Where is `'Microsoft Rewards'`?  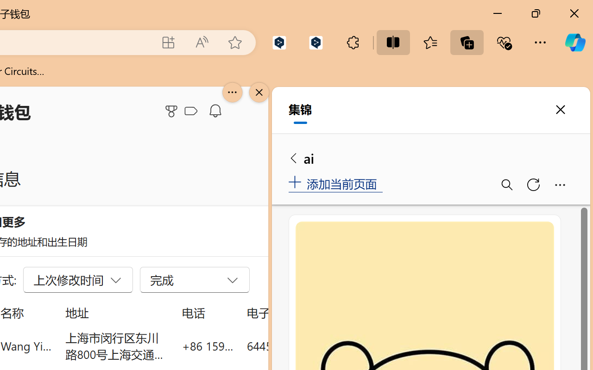 'Microsoft Rewards' is located at coordinates (173, 111).